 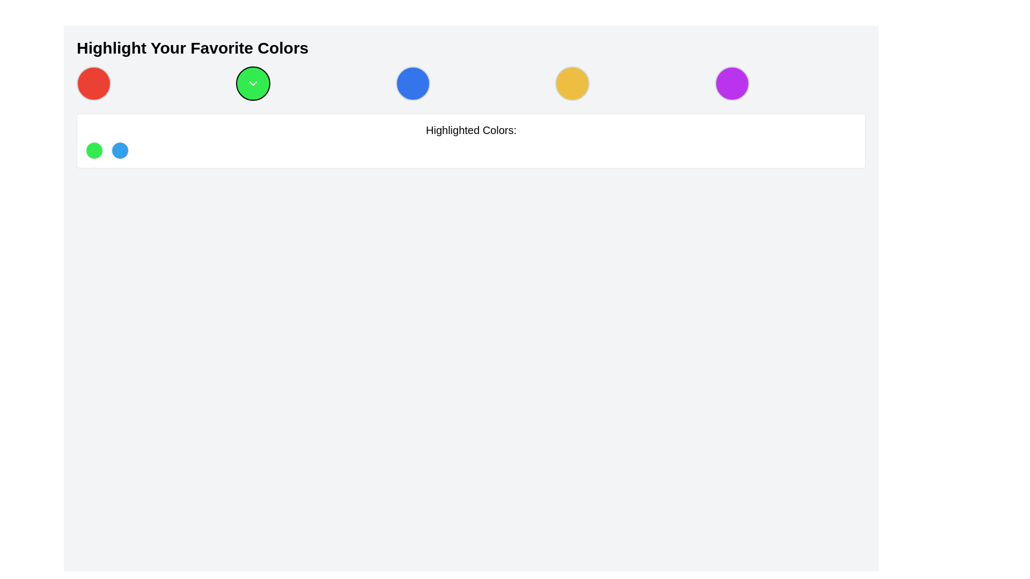 What do you see at coordinates (93, 83) in the screenshot?
I see `the first circular indicator in the grid layout, located near the top left of the interface` at bounding box center [93, 83].